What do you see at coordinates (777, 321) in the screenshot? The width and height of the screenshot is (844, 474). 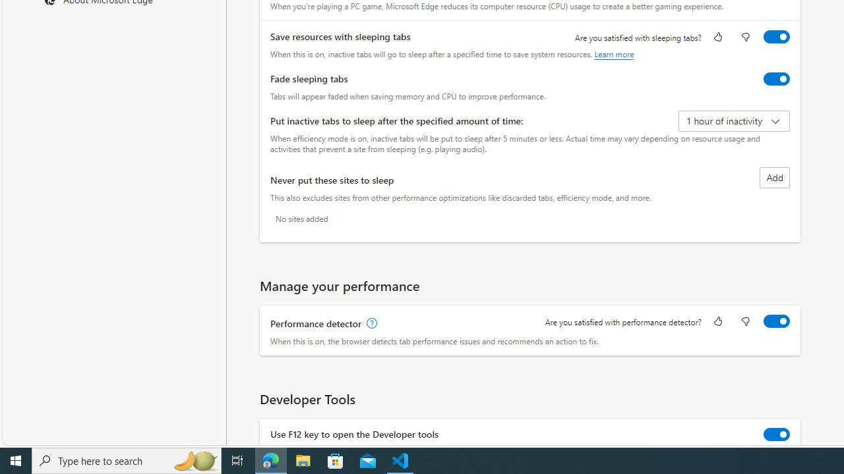 I see `'Performance detector'` at bounding box center [777, 321].